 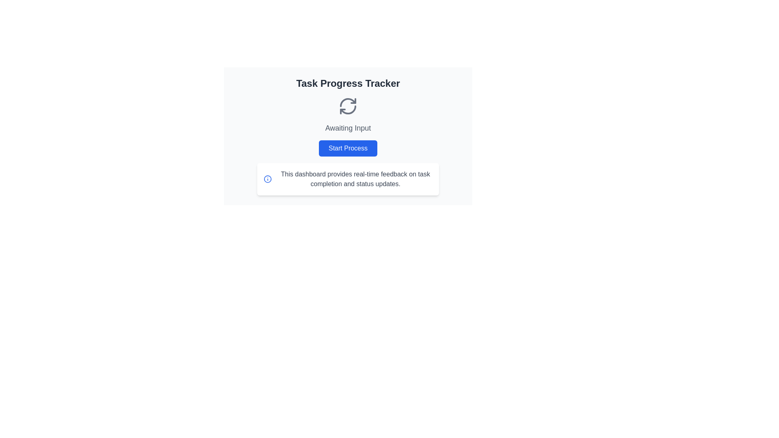 What do you see at coordinates (268, 179) in the screenshot?
I see `the icon that visually represents information related to the text 'This dashboard provides real-time feedback on task completion and status updates.'` at bounding box center [268, 179].